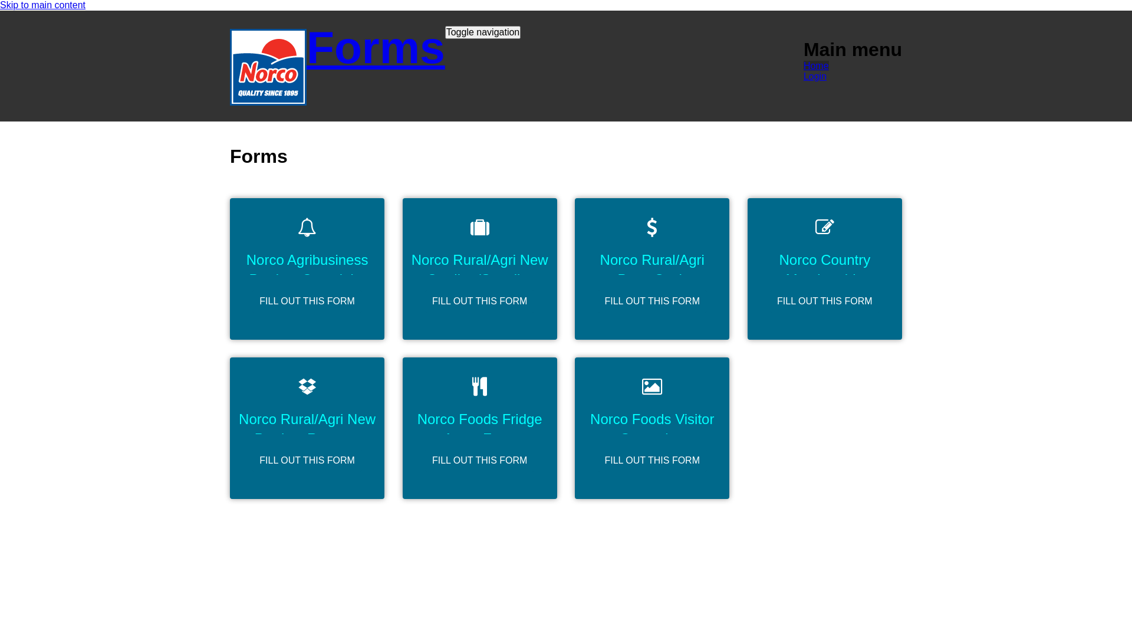 The width and height of the screenshot is (1132, 637). I want to click on 'FILL OUT THIS FORM', so click(307, 300).